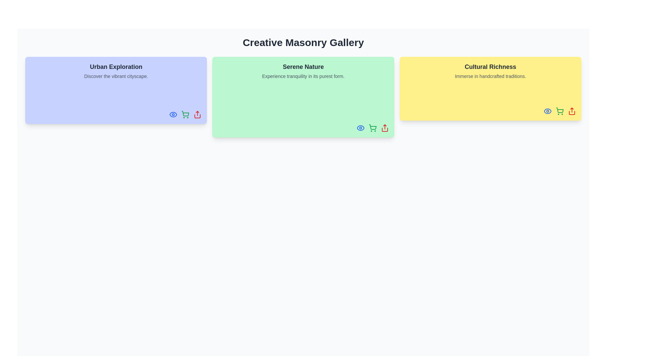 The width and height of the screenshot is (646, 363). Describe the element at coordinates (360, 128) in the screenshot. I see `larger outer contour of the eye icon located at the bottom-right corner of the 'Serene Nature' card` at that location.